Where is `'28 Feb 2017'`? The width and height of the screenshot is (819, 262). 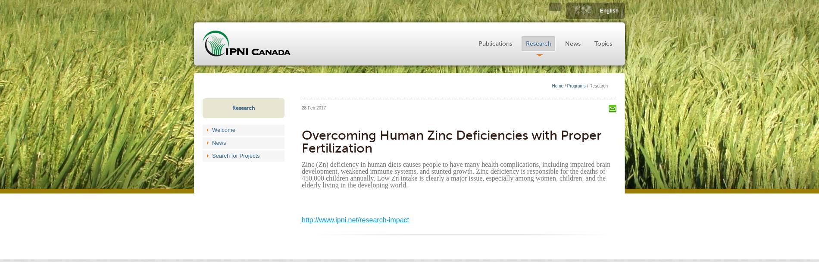 '28 Feb 2017' is located at coordinates (301, 108).